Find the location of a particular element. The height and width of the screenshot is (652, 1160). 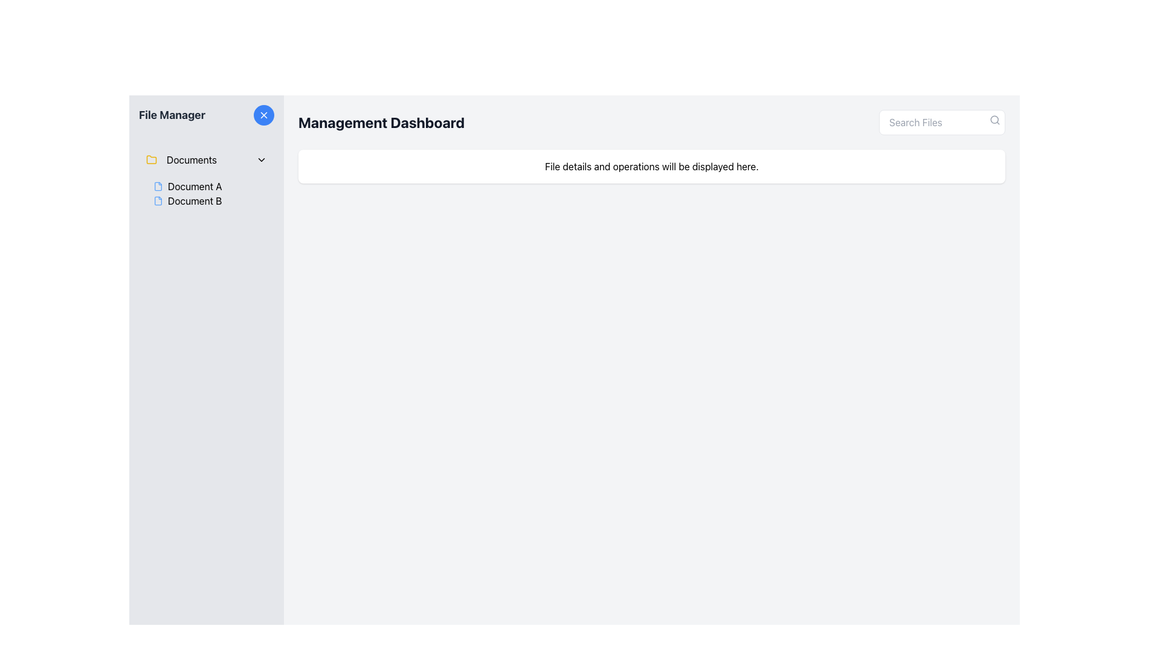

the informational text box that contains the text 'File details and operations will be displayed here.' located below the 'Management Dashboard' heading is located at coordinates (651, 167).